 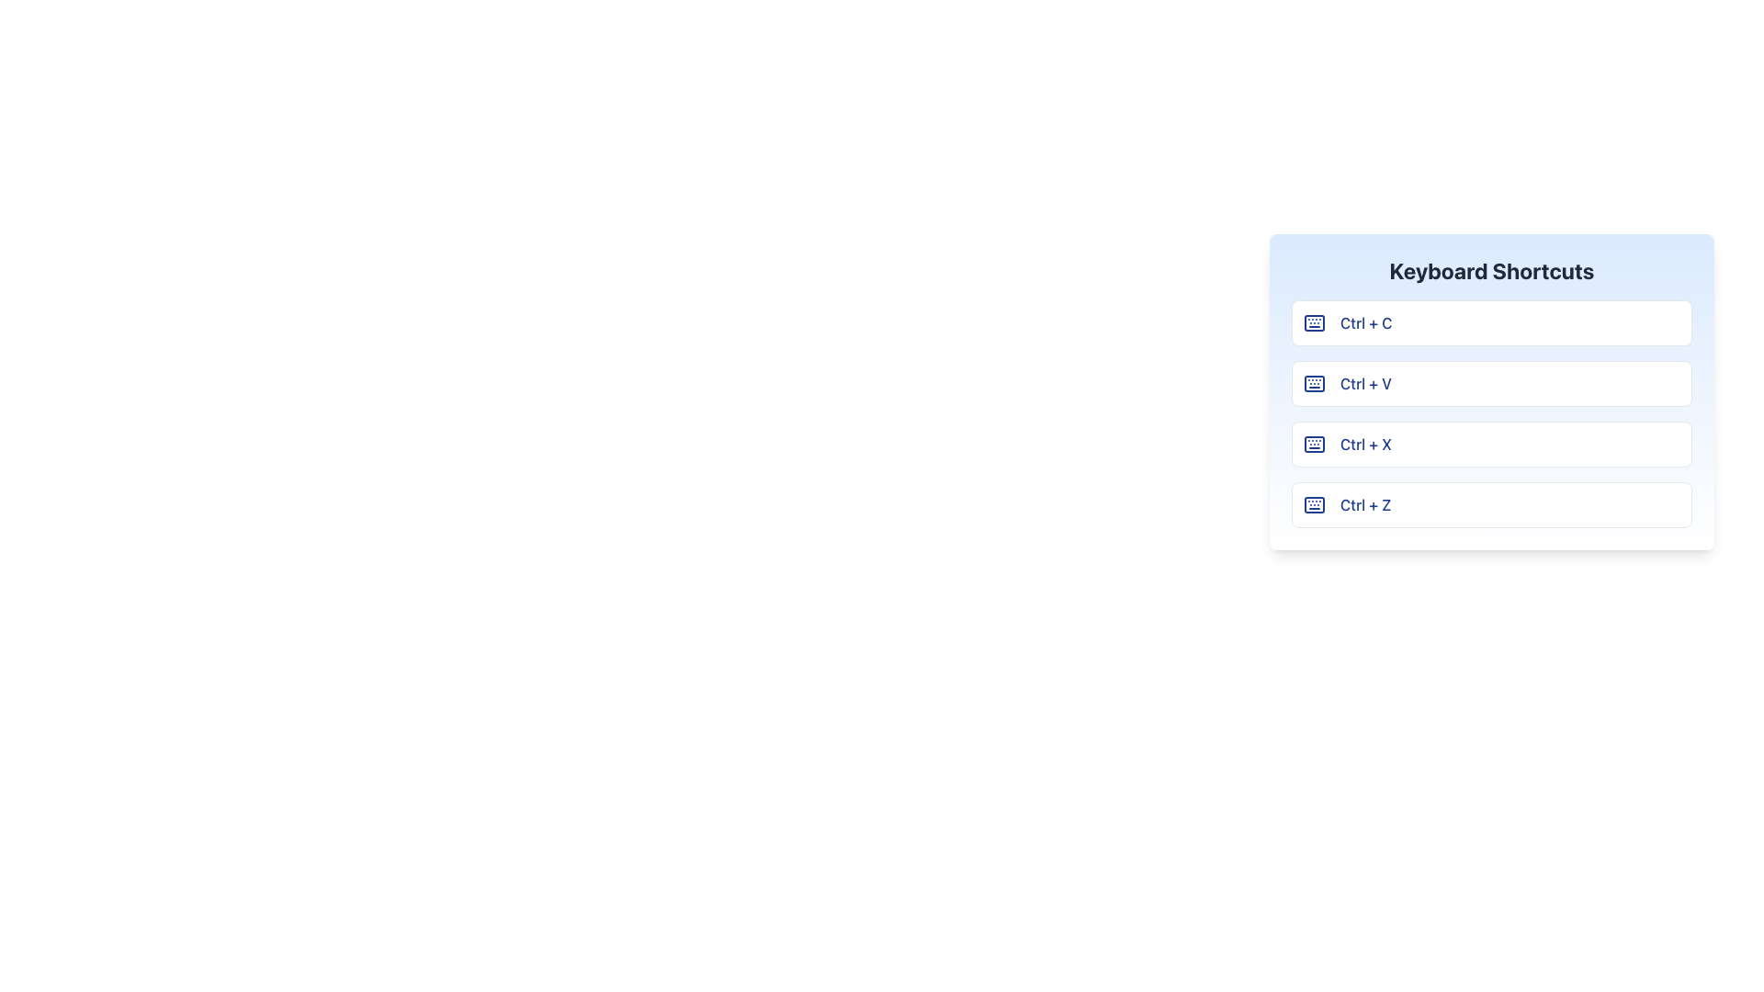 What do you see at coordinates (1313, 321) in the screenshot?
I see `the keyboard icon with a blue border and white background located to the left of the 'Ctrl + C' text in the vertical list of keyboard shortcuts` at bounding box center [1313, 321].